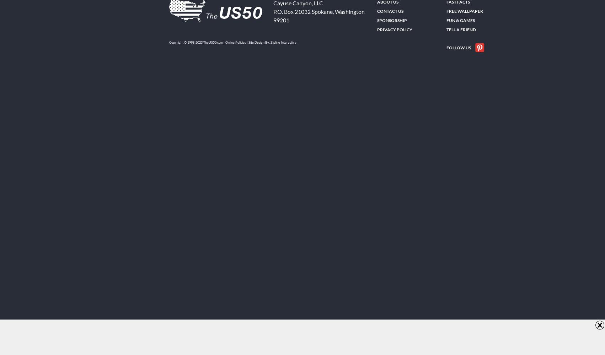  I want to click on 'Washington', so click(349, 11).